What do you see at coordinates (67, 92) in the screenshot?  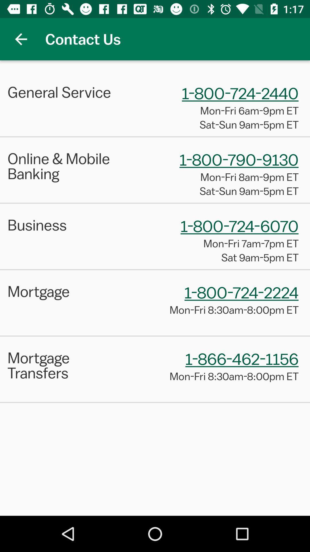 I see `item to the left of the 1 800 724 icon` at bounding box center [67, 92].